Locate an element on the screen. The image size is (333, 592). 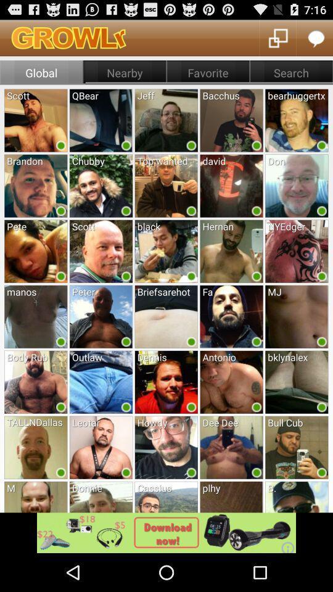
the chat icon is located at coordinates (315, 40).